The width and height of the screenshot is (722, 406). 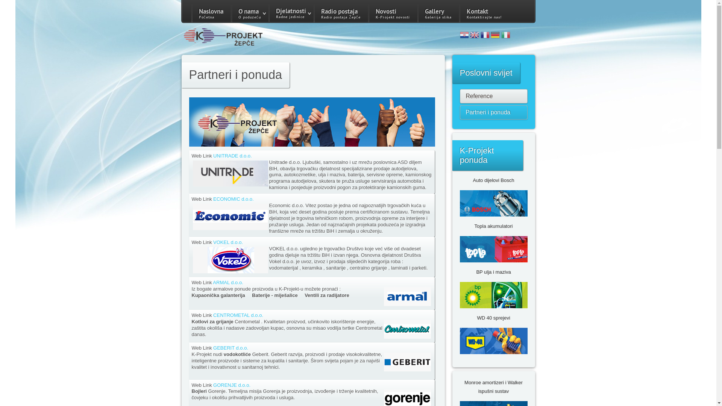 What do you see at coordinates (238, 315) in the screenshot?
I see `'CENTROMETAL d.o.o.'` at bounding box center [238, 315].